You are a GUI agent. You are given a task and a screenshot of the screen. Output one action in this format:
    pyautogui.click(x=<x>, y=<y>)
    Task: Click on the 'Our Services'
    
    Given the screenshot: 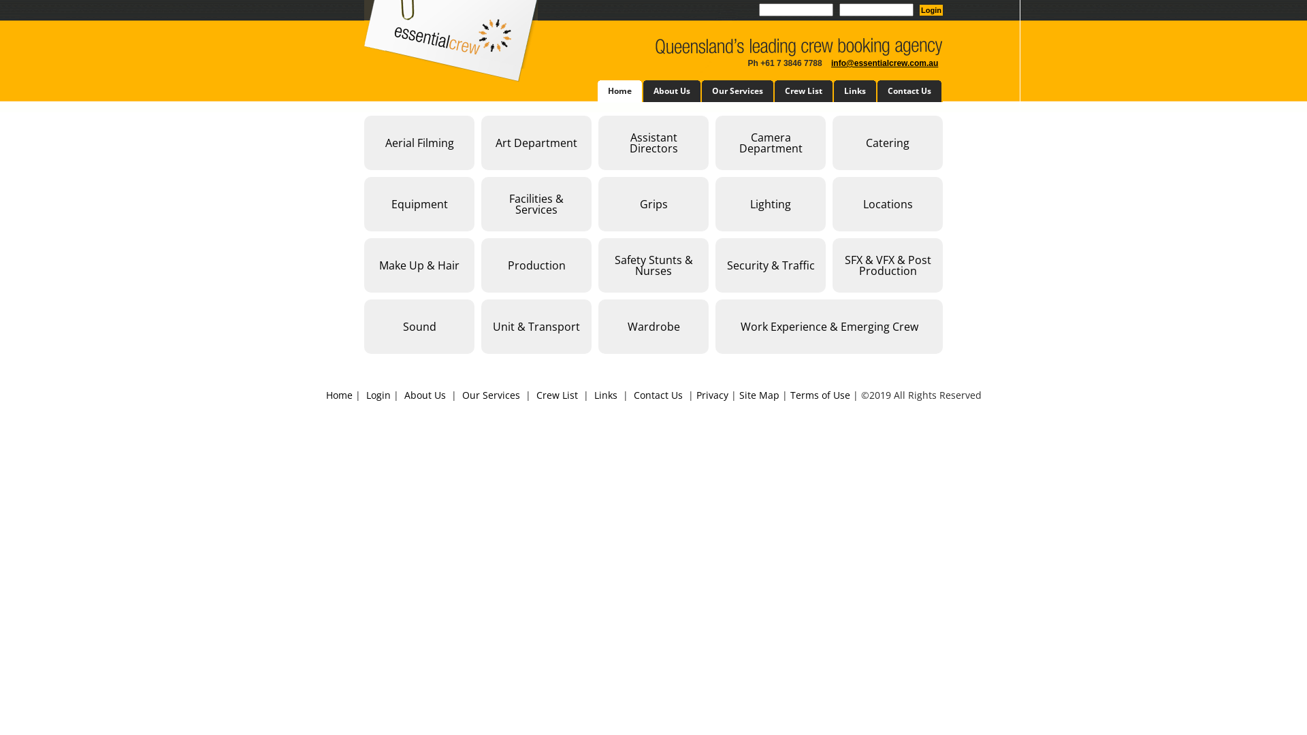 What is the action you would take?
    pyautogui.click(x=490, y=395)
    